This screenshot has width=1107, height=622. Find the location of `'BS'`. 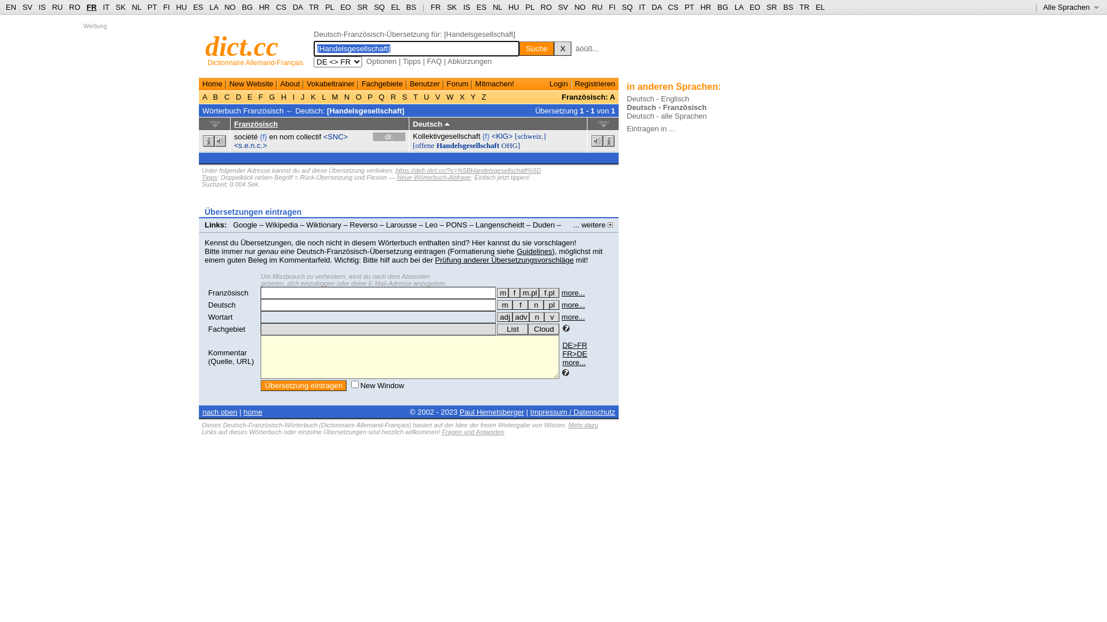

'BS' is located at coordinates (411, 7).